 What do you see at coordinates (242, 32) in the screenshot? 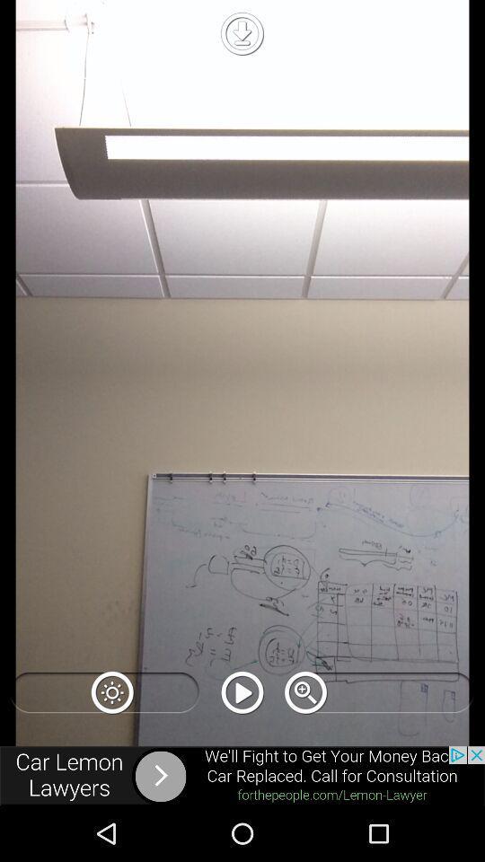
I see `download` at bounding box center [242, 32].